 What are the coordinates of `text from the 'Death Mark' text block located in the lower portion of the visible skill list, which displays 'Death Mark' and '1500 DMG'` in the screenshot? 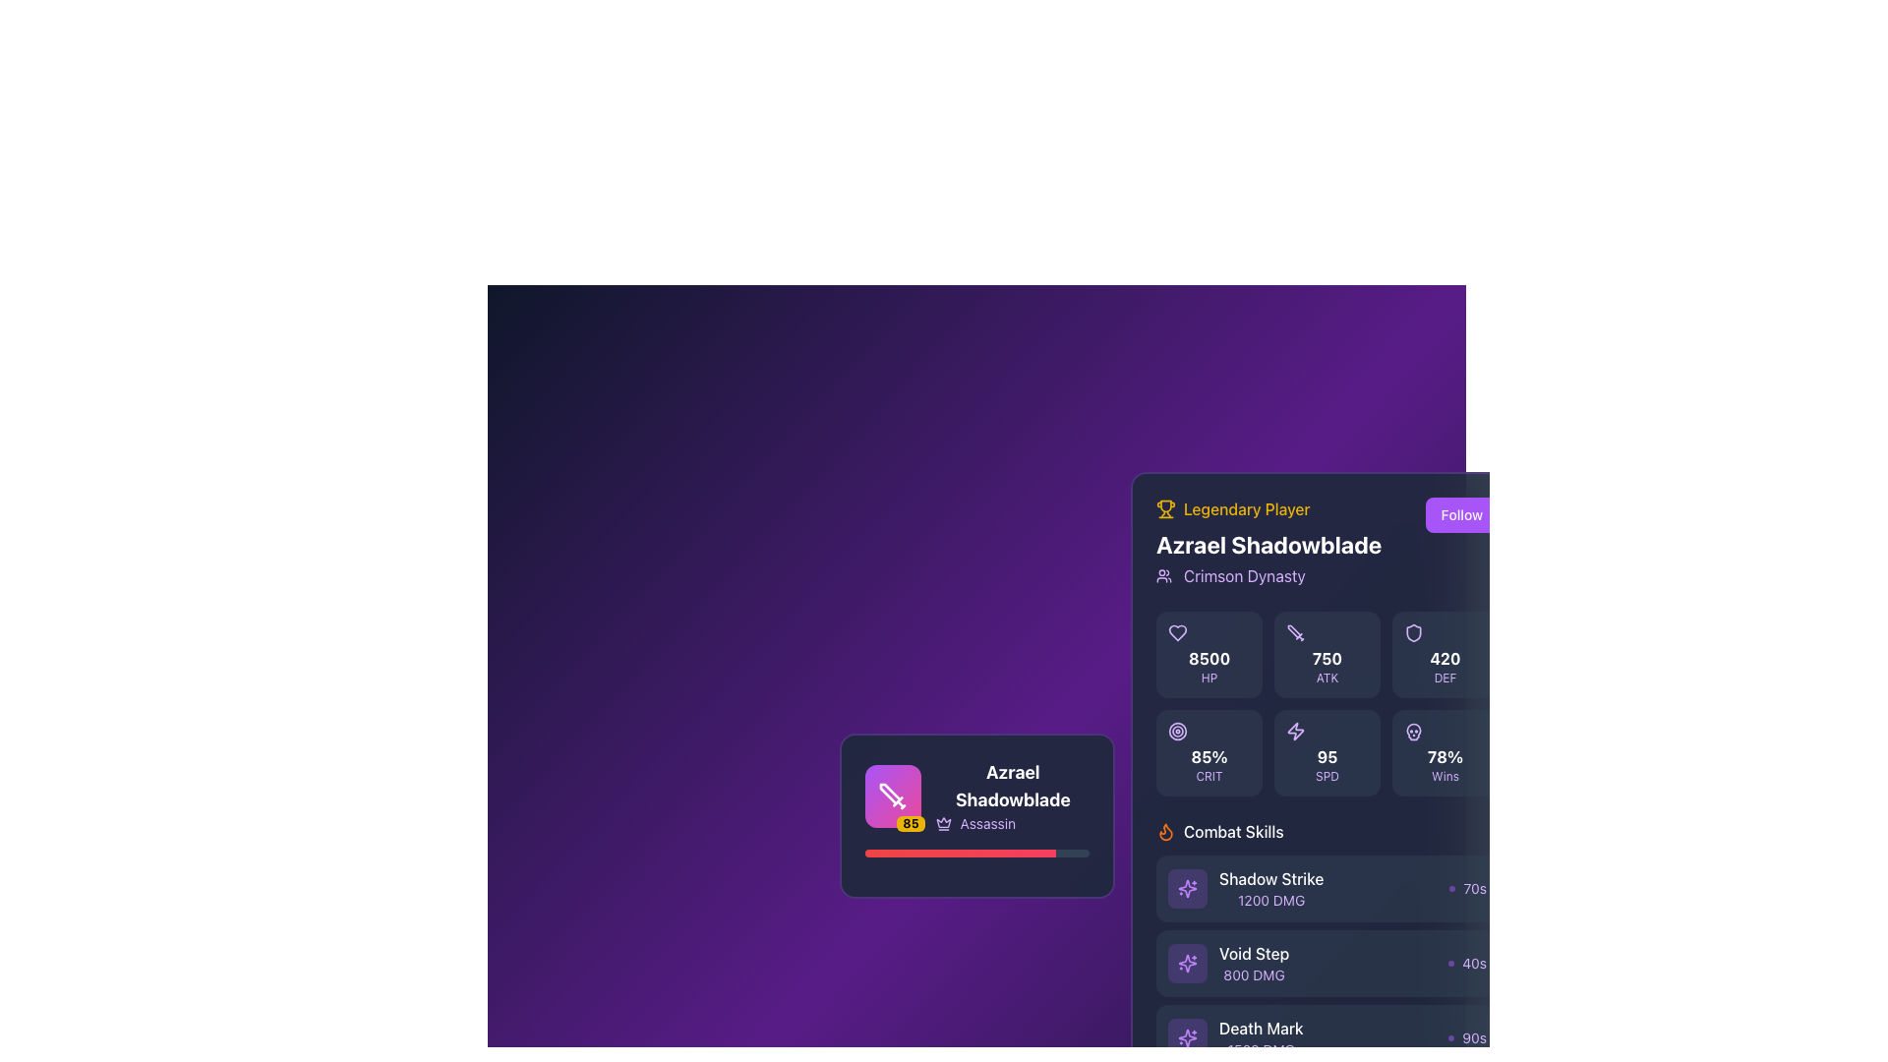 It's located at (1261, 1037).